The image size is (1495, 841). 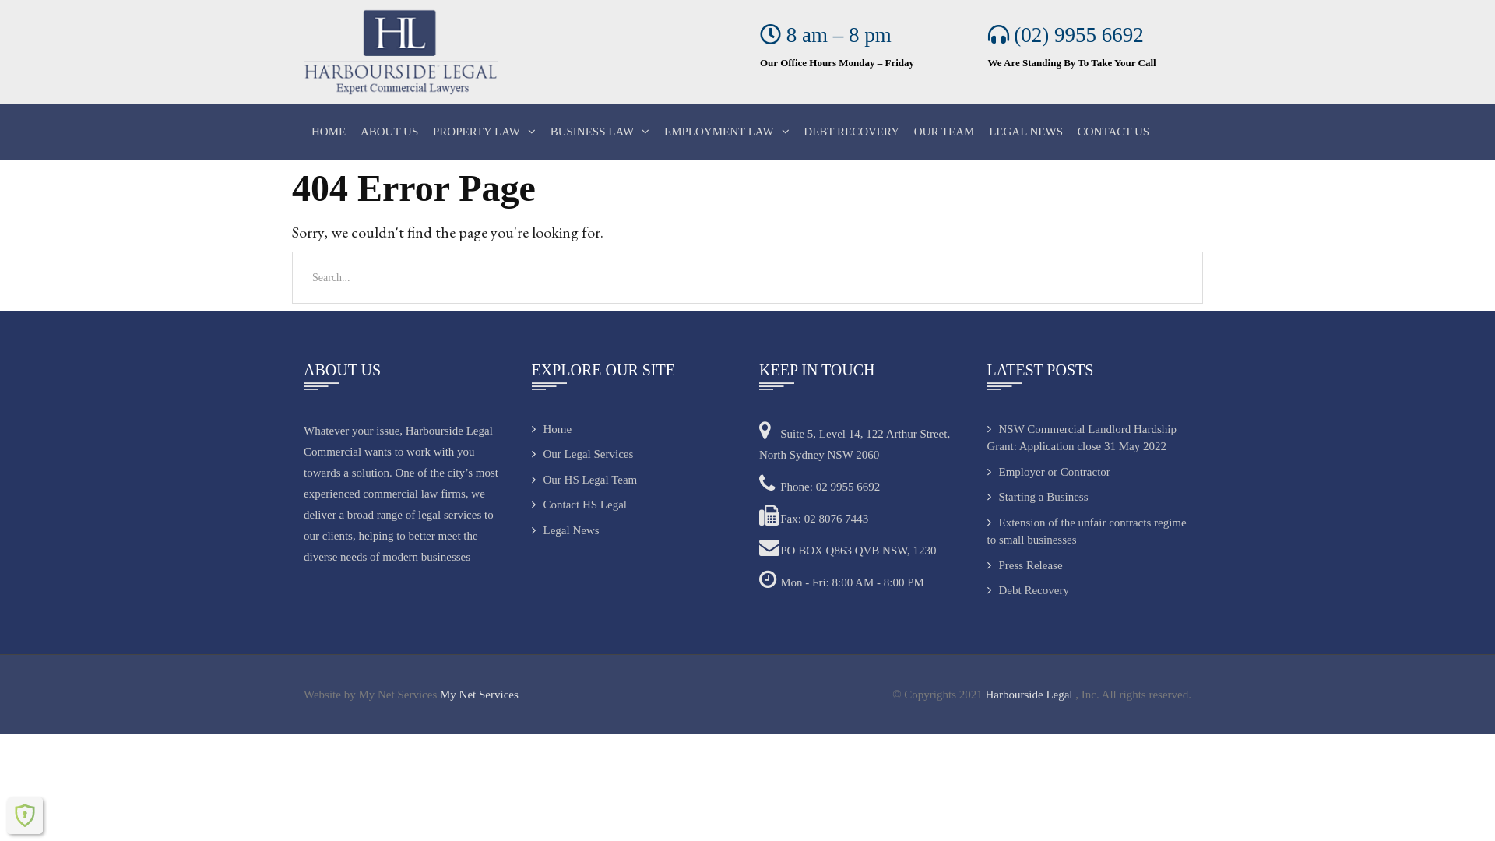 What do you see at coordinates (1113, 131) in the screenshot?
I see `'CONTACT US'` at bounding box center [1113, 131].